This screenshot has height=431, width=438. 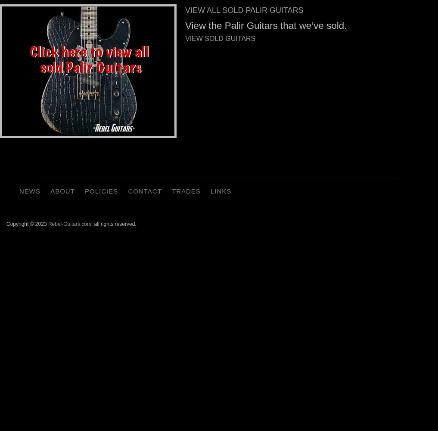 I want to click on 'Policies', so click(x=101, y=191).